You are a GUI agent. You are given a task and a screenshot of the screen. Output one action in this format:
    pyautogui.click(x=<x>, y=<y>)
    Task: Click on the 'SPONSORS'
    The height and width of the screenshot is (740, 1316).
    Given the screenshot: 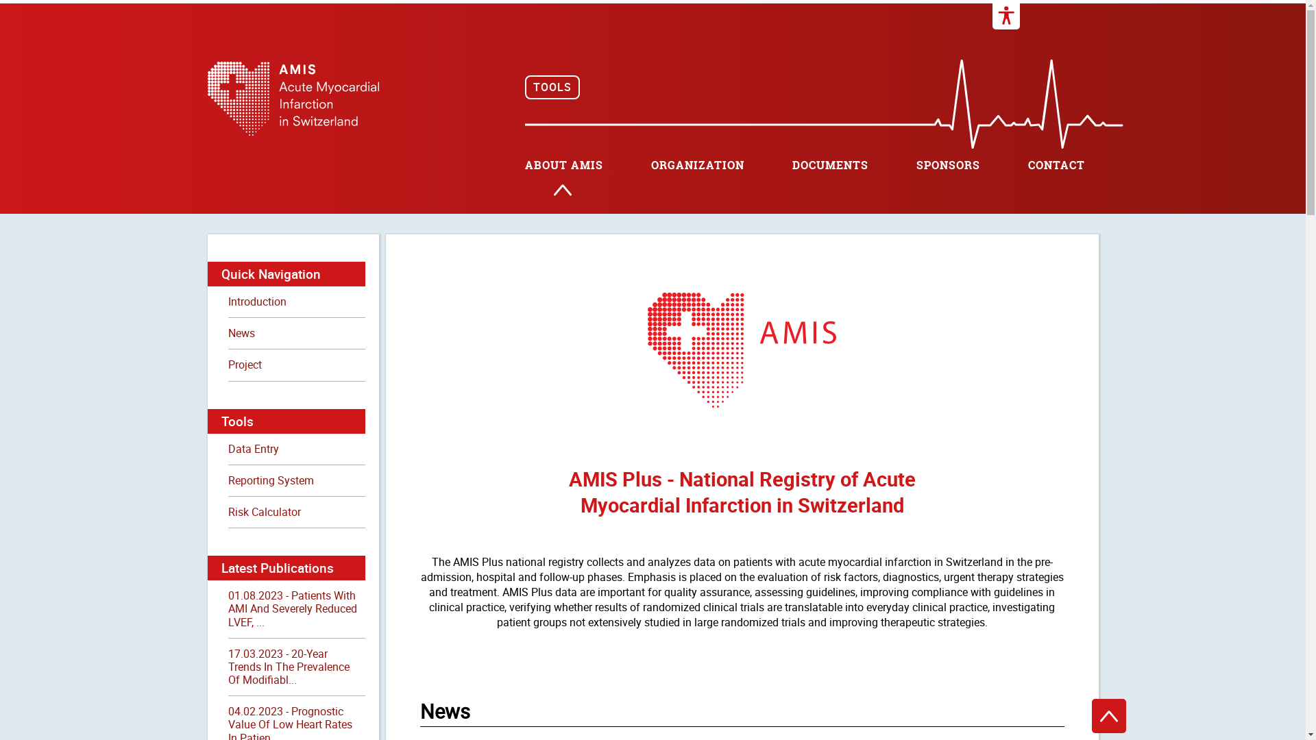 What is the action you would take?
    pyautogui.click(x=947, y=164)
    